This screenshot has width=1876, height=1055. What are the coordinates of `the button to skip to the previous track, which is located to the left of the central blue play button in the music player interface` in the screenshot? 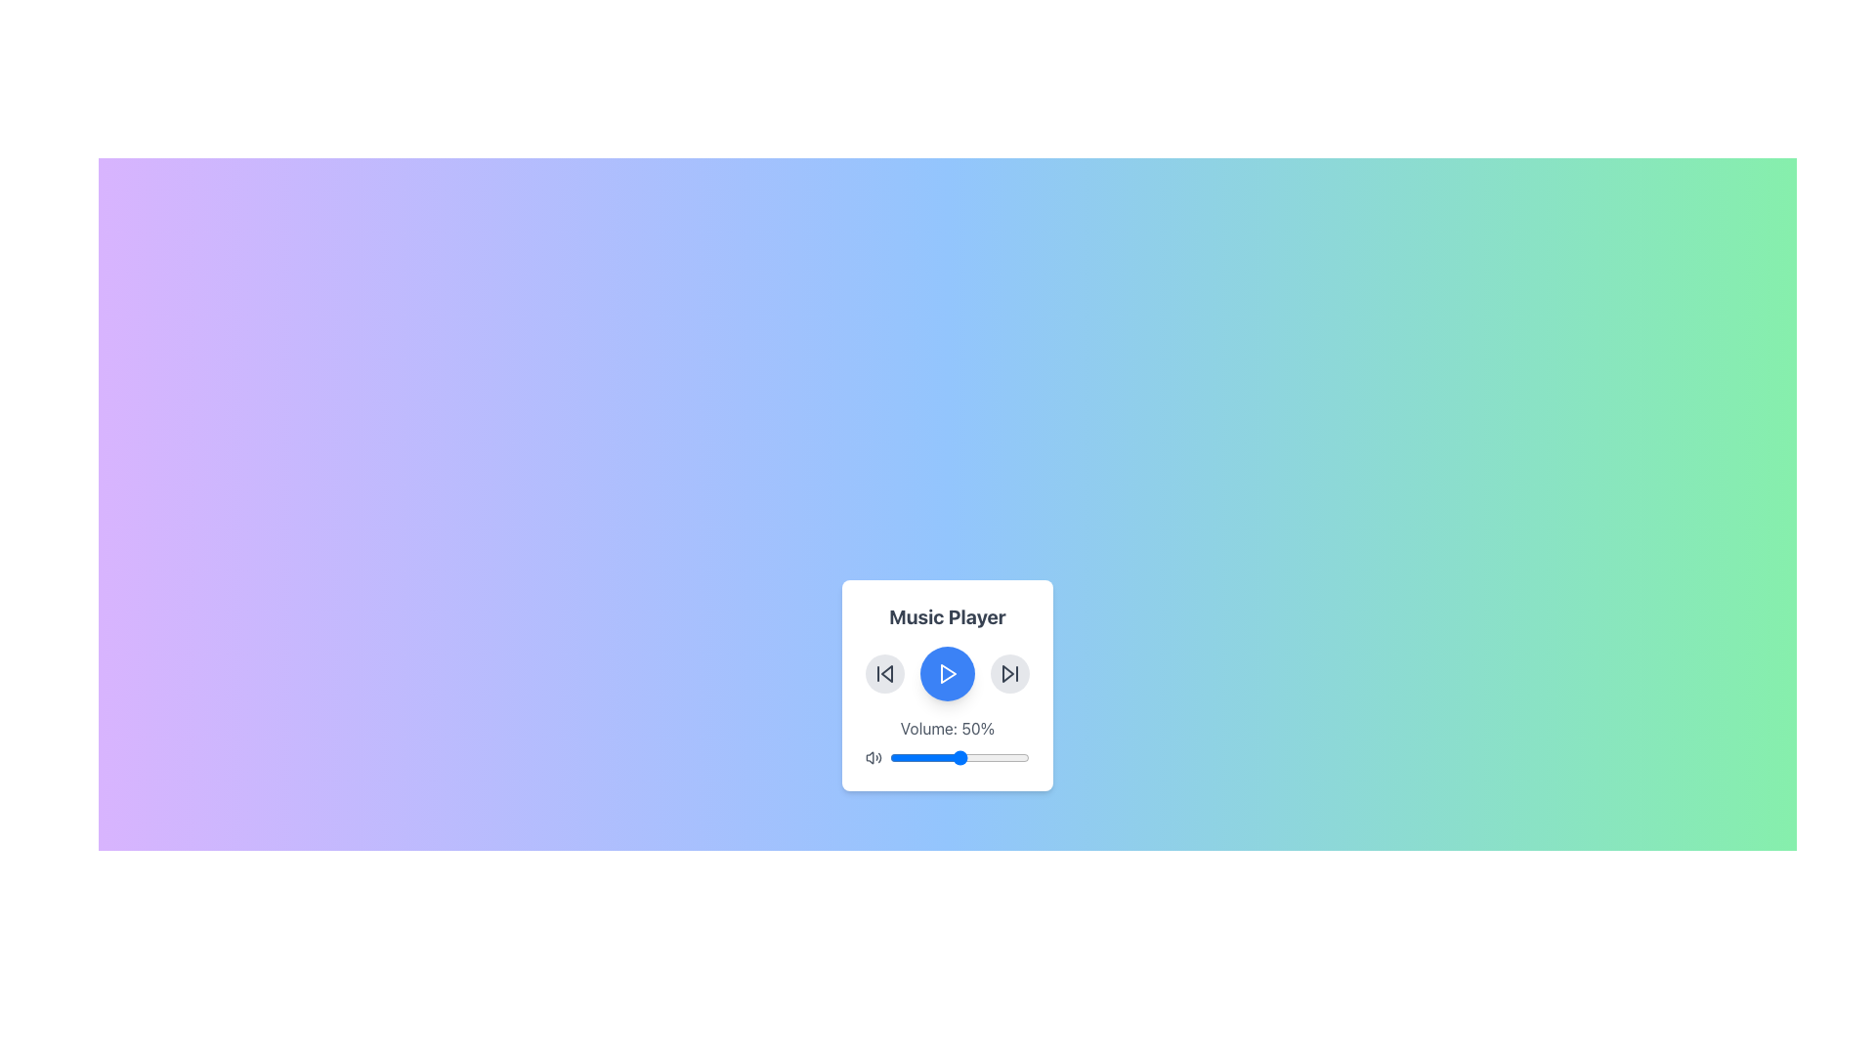 It's located at (884, 673).